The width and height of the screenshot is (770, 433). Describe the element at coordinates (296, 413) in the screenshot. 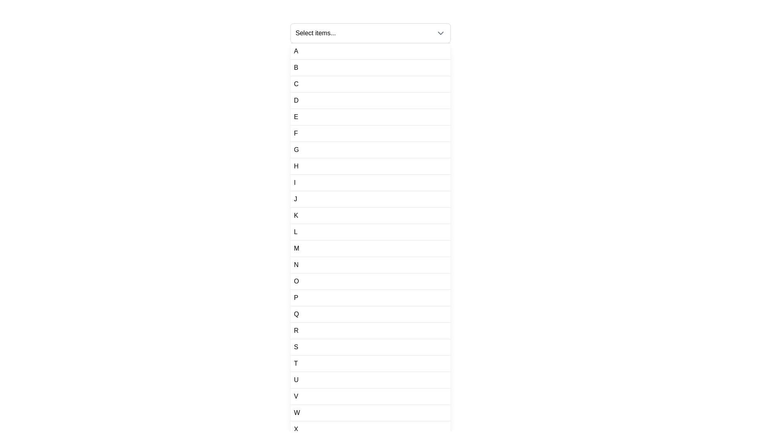

I see `the letter 'W' in the alphabetical dropdown menu, which is positioned between 'V' and 'X', to emphasize the option` at that location.